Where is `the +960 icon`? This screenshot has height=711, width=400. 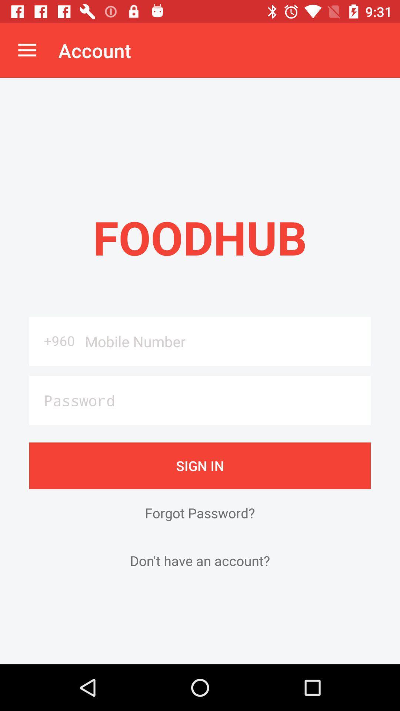 the +960 icon is located at coordinates (54, 340).